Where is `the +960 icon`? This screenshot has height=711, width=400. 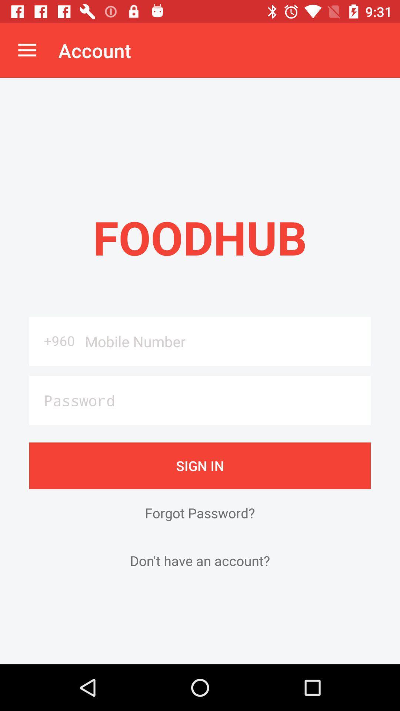 the +960 icon is located at coordinates (54, 340).